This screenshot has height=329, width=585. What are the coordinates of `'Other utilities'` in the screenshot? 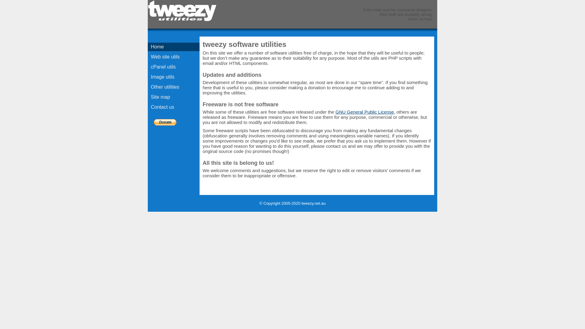 It's located at (173, 87).